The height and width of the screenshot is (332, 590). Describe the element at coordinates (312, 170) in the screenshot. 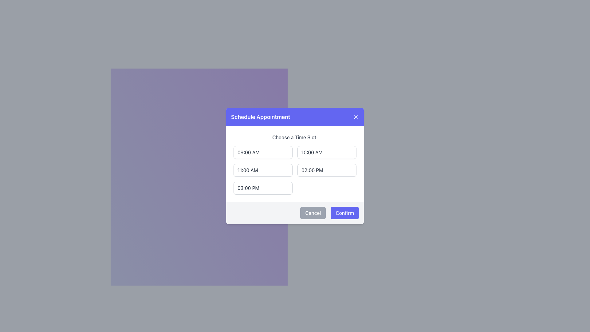

I see `'02:00 PM' time slot displayed in the text label located in the lower right section of the 'Schedule Appointment' modal` at that location.